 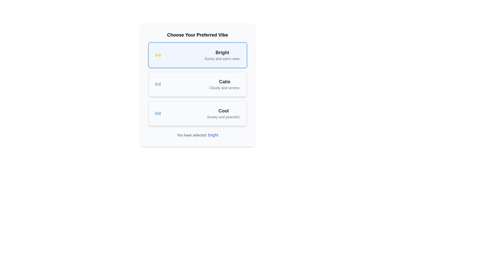 I want to click on the 'Calm' vibe selectable card, which is the second card in a stack of three options, so click(x=197, y=84).